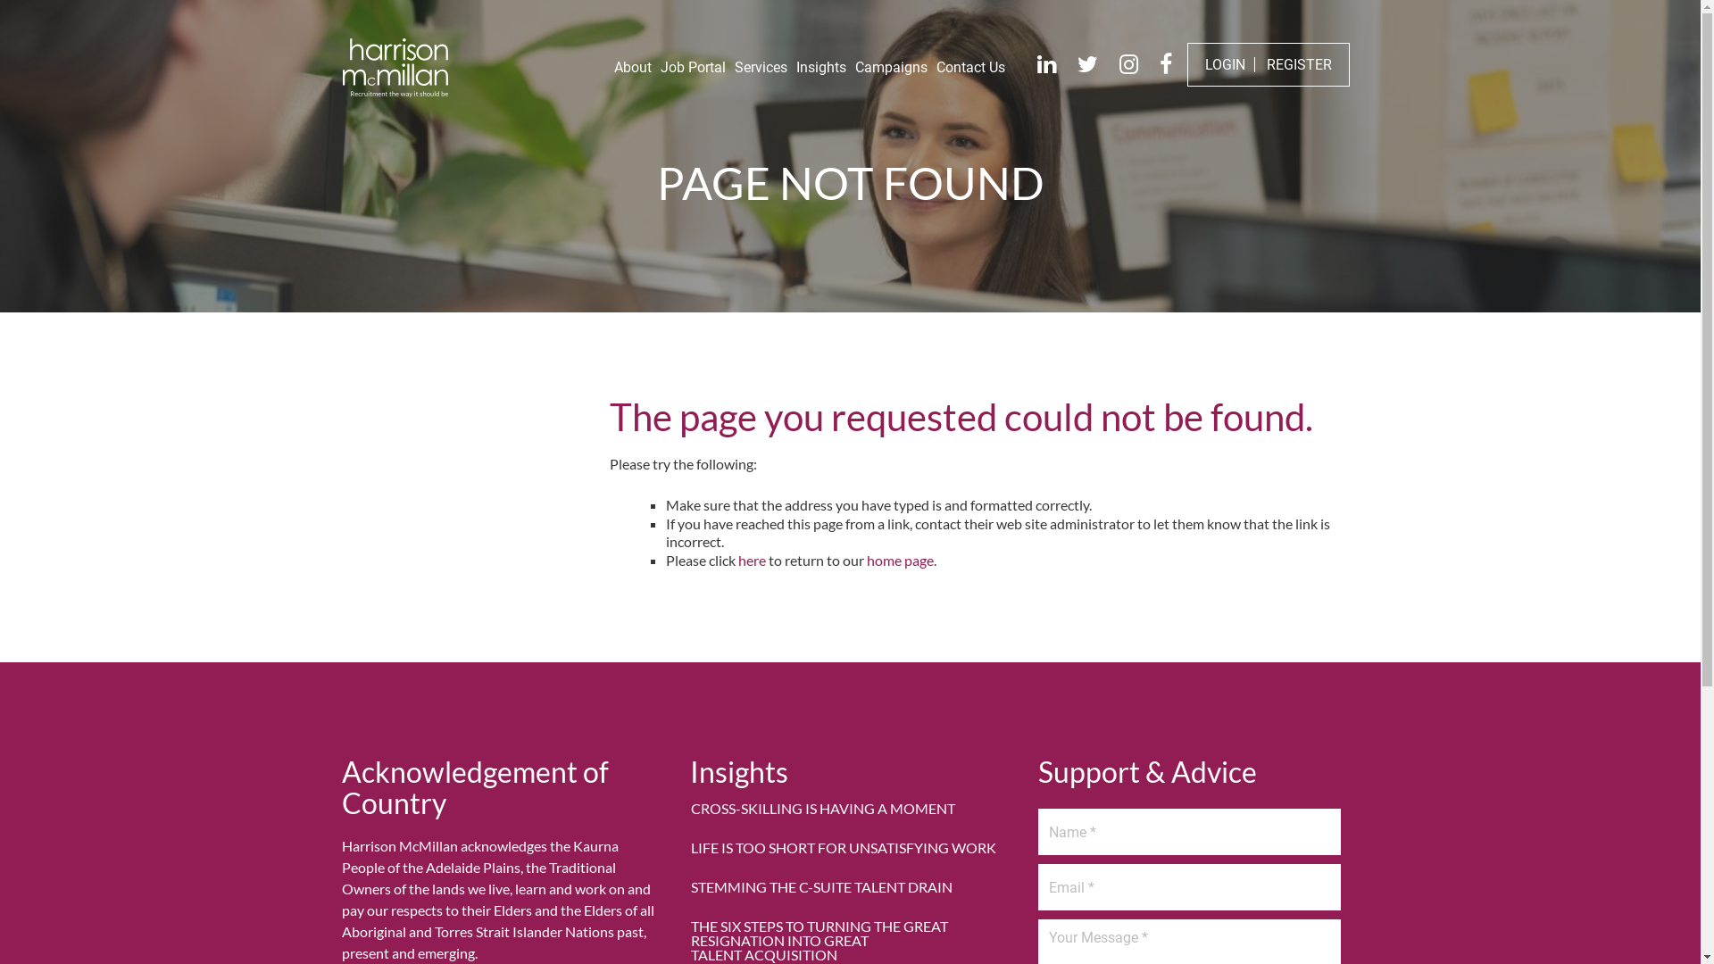 Image resolution: width=1714 pixels, height=964 pixels. What do you see at coordinates (1127, 63) in the screenshot?
I see `'Instagram'` at bounding box center [1127, 63].